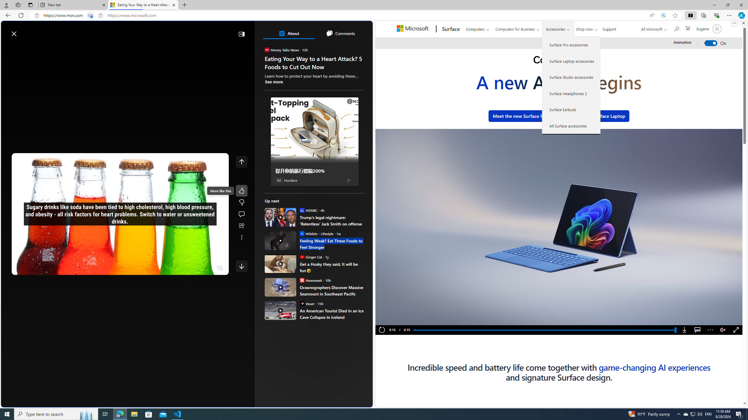 Image resolution: width=748 pixels, height=420 pixels. I want to click on 'Close split screen.', so click(743, 23).